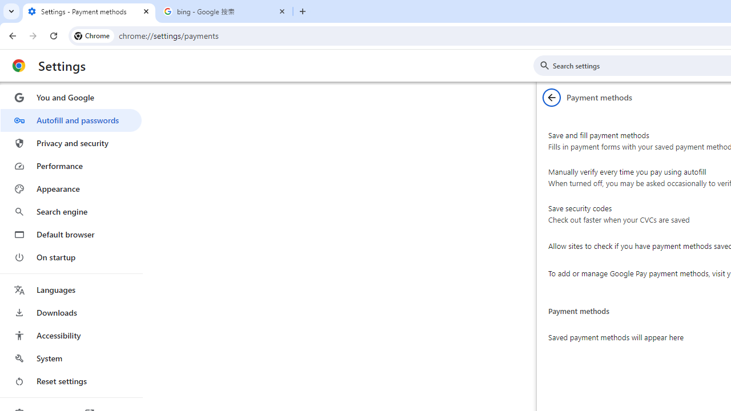  I want to click on 'Autofill and passwords', so click(70, 120).